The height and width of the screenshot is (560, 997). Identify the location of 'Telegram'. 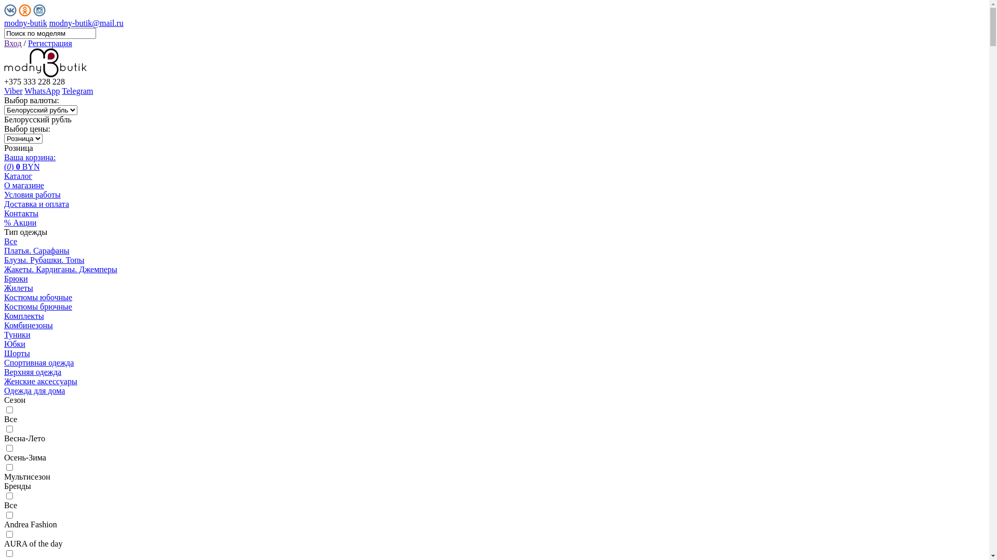
(61, 90).